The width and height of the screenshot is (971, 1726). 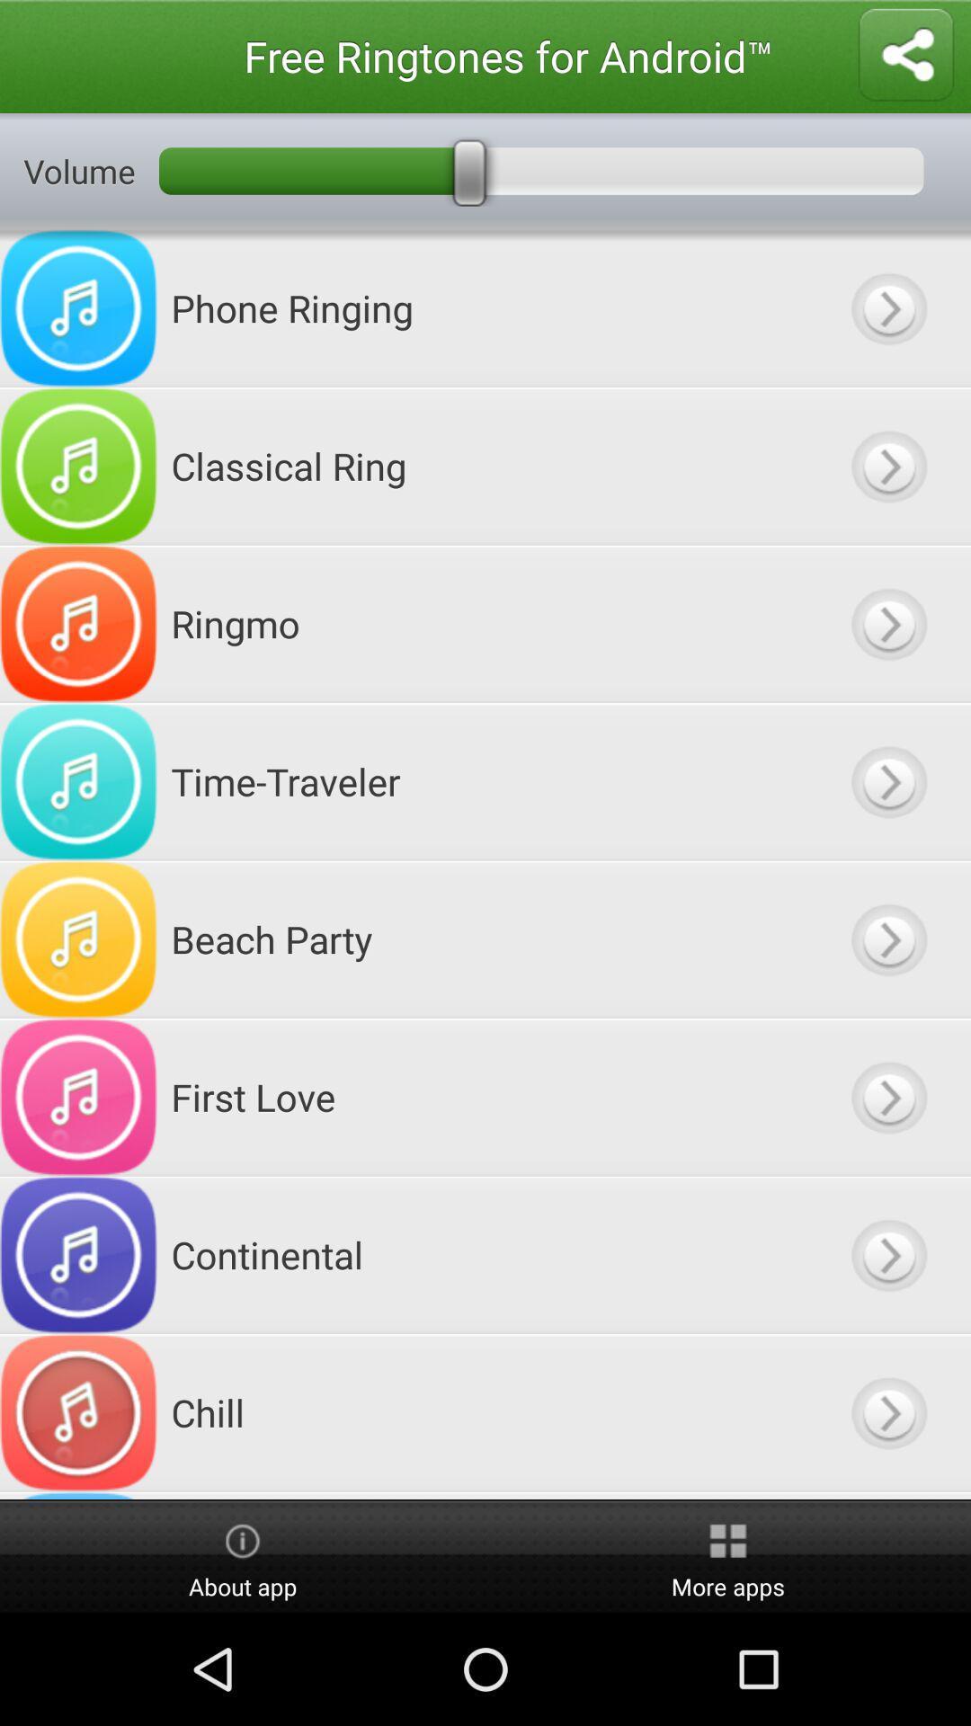 What do you see at coordinates (887, 939) in the screenshot?
I see `next button` at bounding box center [887, 939].